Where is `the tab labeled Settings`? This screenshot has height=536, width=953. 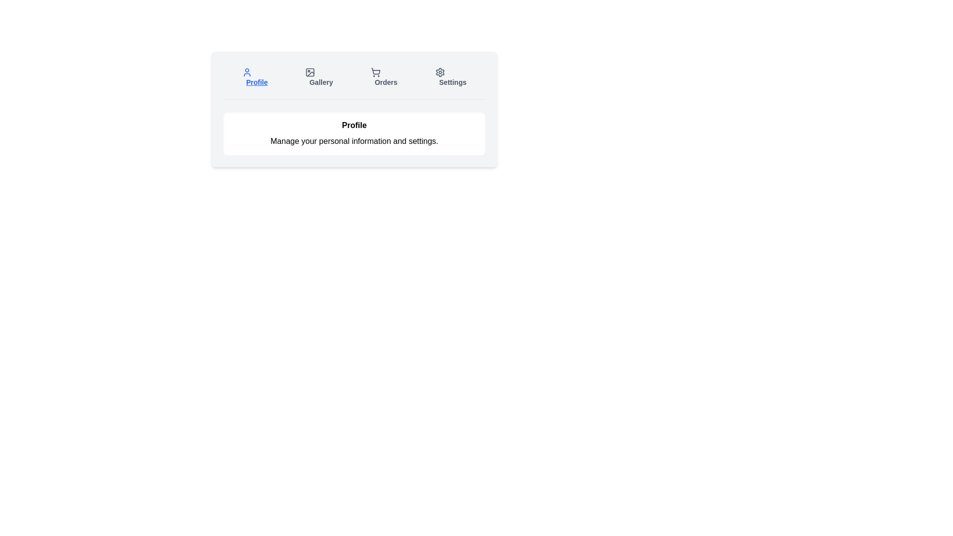
the tab labeled Settings is located at coordinates (450, 76).